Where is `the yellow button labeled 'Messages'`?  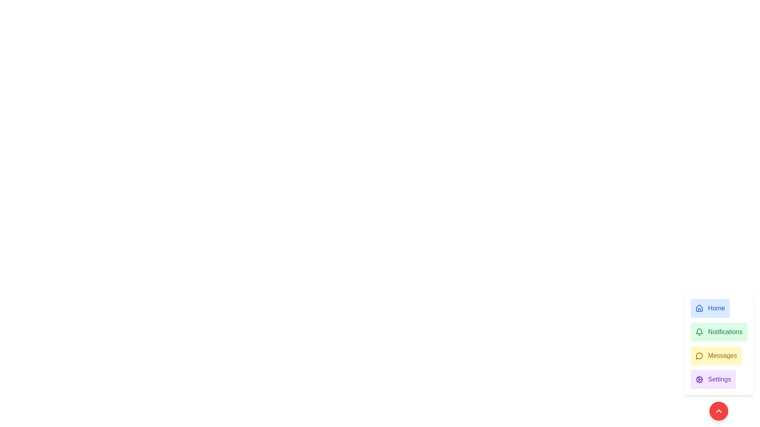
the yellow button labeled 'Messages' is located at coordinates (716, 355).